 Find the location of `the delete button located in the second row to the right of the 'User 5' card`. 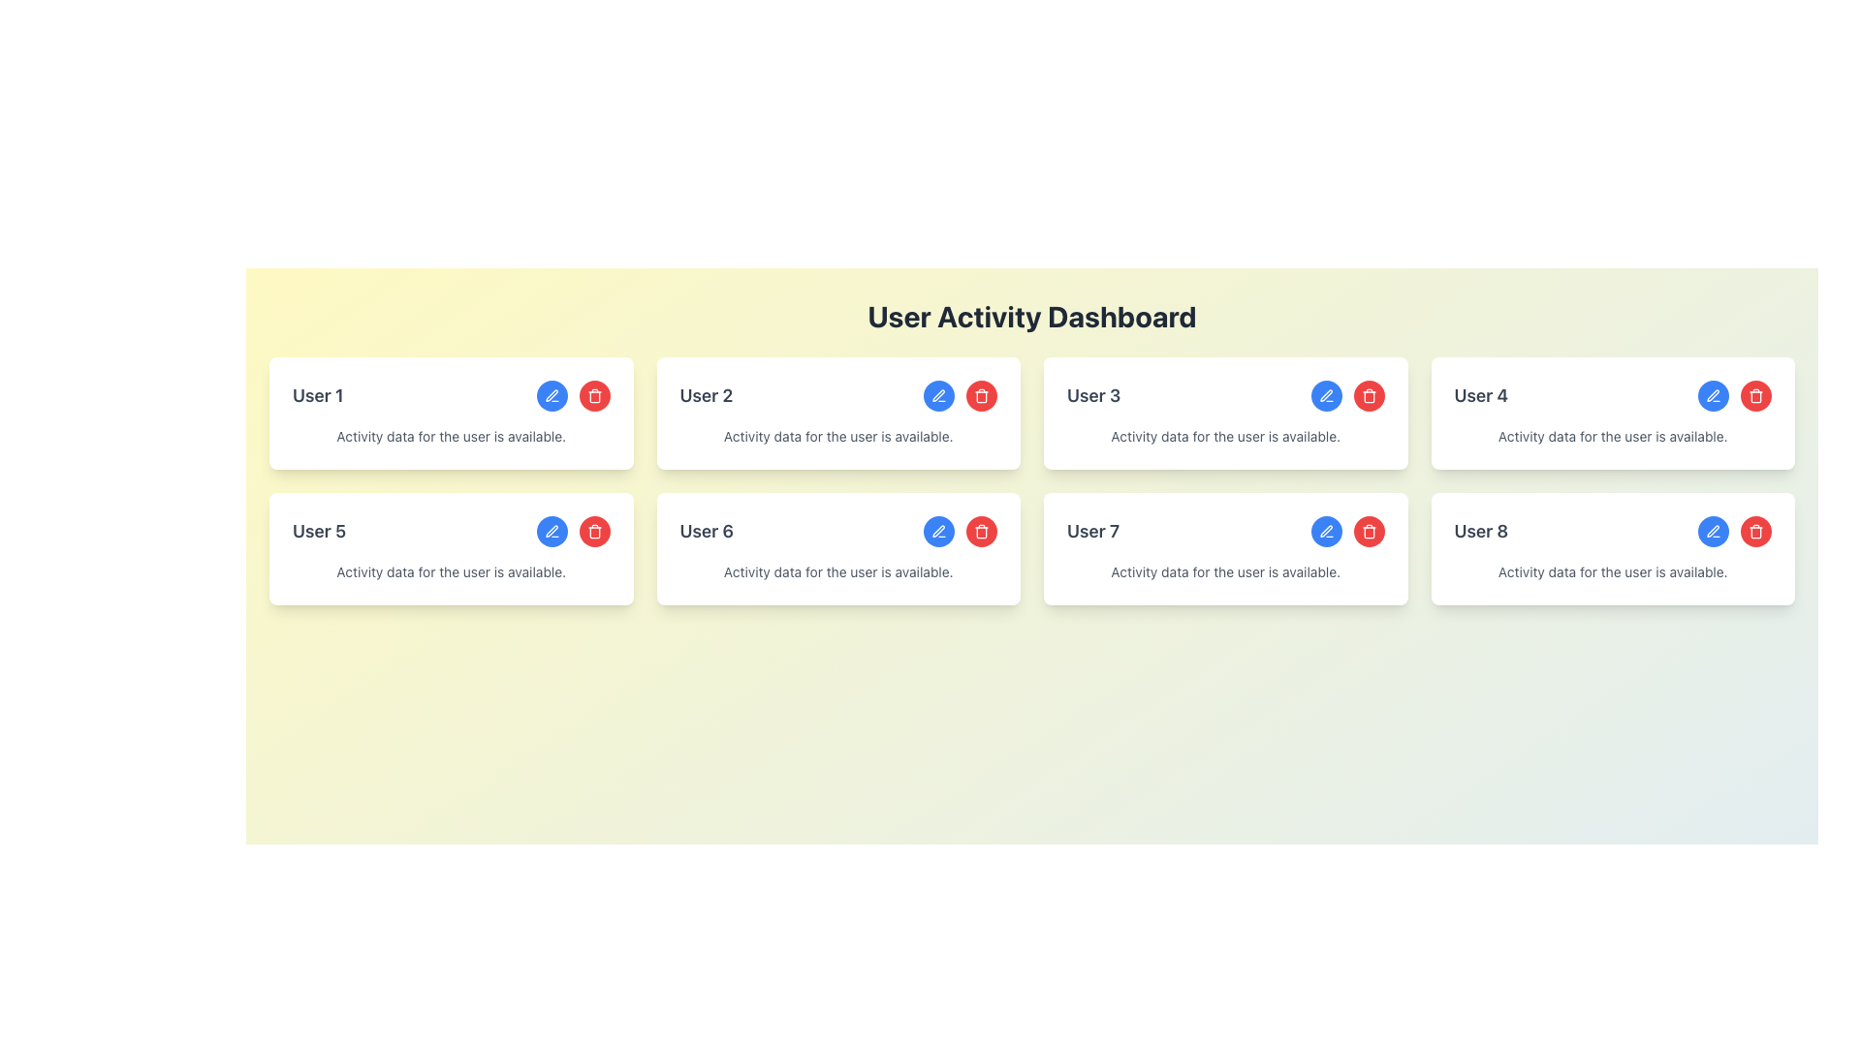

the delete button located in the second row to the right of the 'User 5' card is located at coordinates (593, 531).